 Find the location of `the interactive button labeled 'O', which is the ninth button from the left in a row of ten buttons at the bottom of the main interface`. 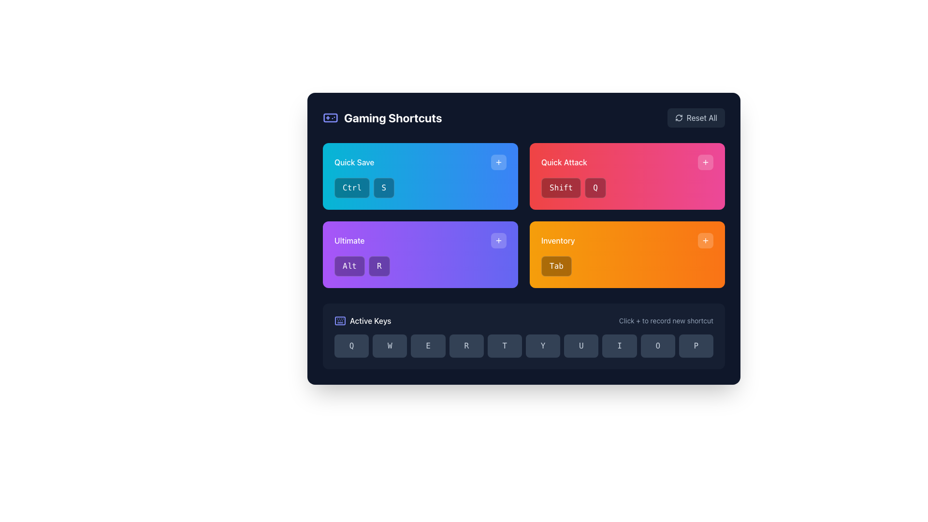

the interactive button labeled 'O', which is the ninth button from the left in a row of ten buttons at the bottom of the main interface is located at coordinates (657, 346).